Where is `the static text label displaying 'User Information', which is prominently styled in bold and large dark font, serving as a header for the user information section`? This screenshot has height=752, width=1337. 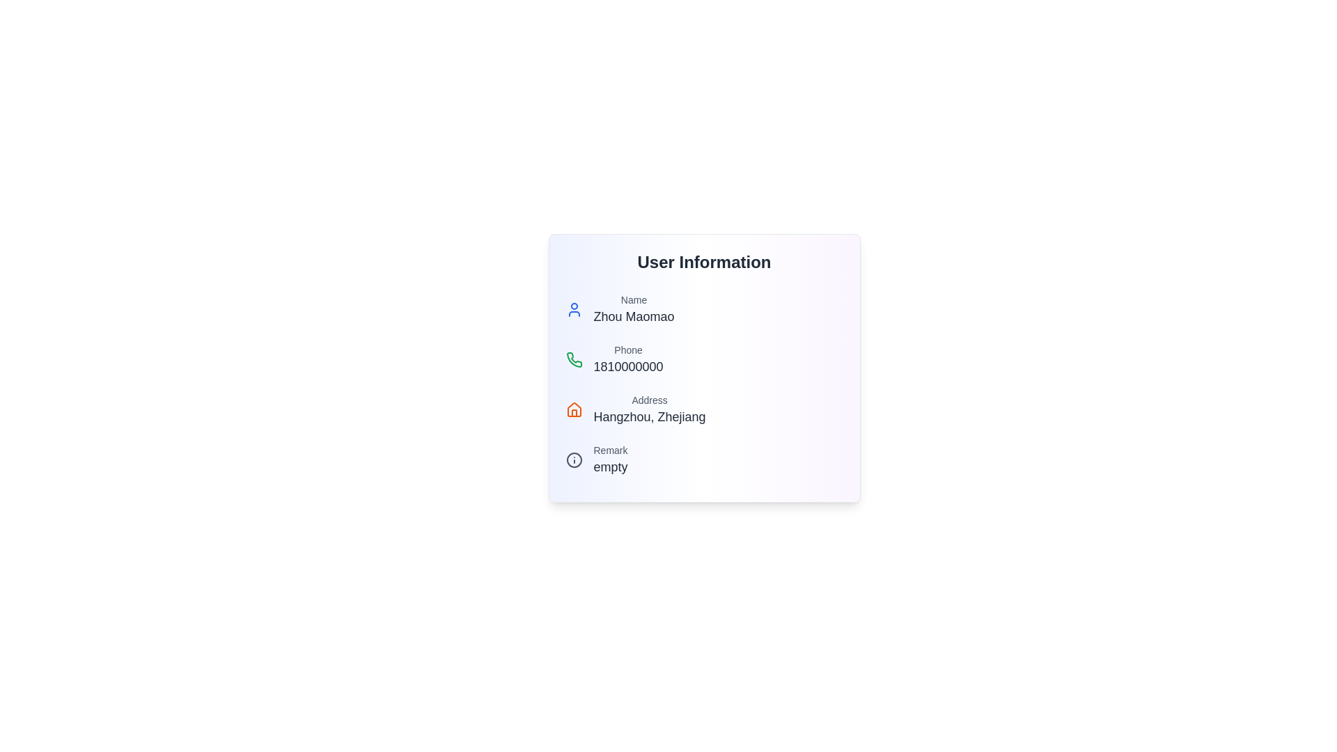 the static text label displaying 'User Information', which is prominently styled in bold and large dark font, serving as a header for the user information section is located at coordinates (704, 263).